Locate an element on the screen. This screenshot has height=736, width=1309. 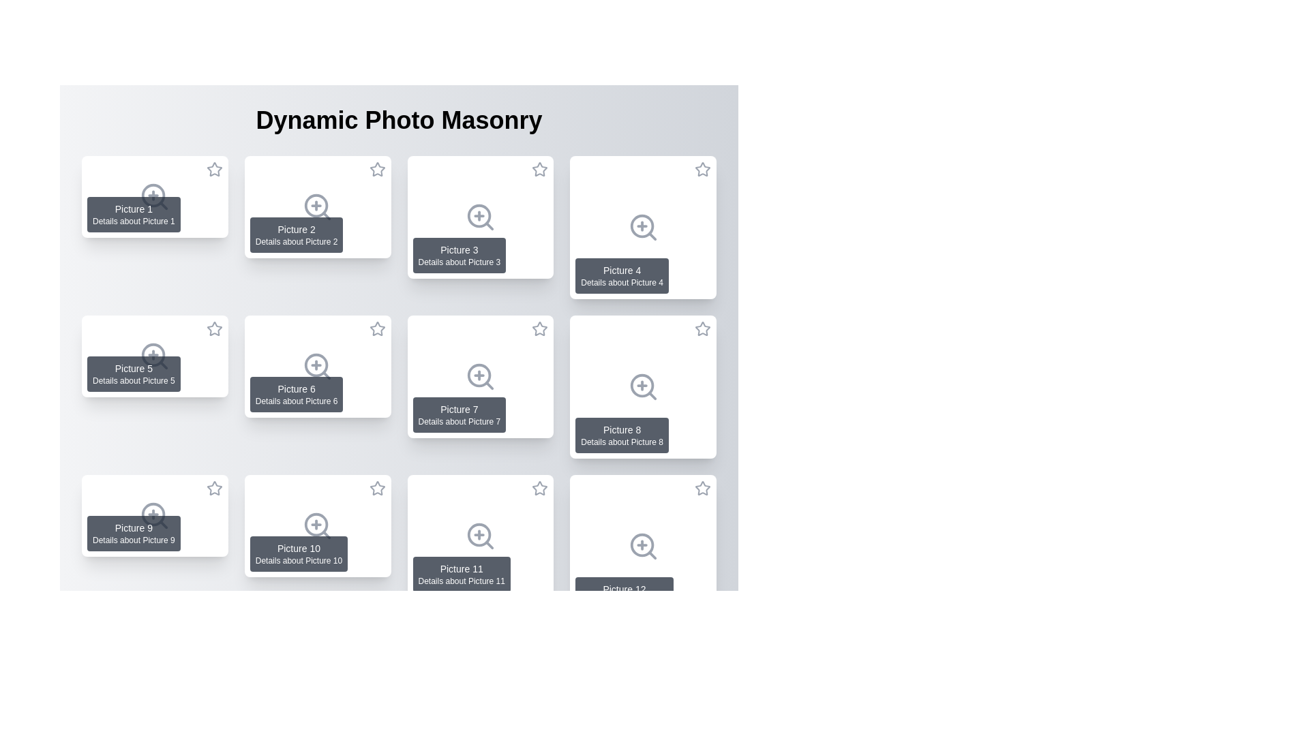
the zoom-in icon located in the card labeled 'Picture 5' is located at coordinates (155, 356).